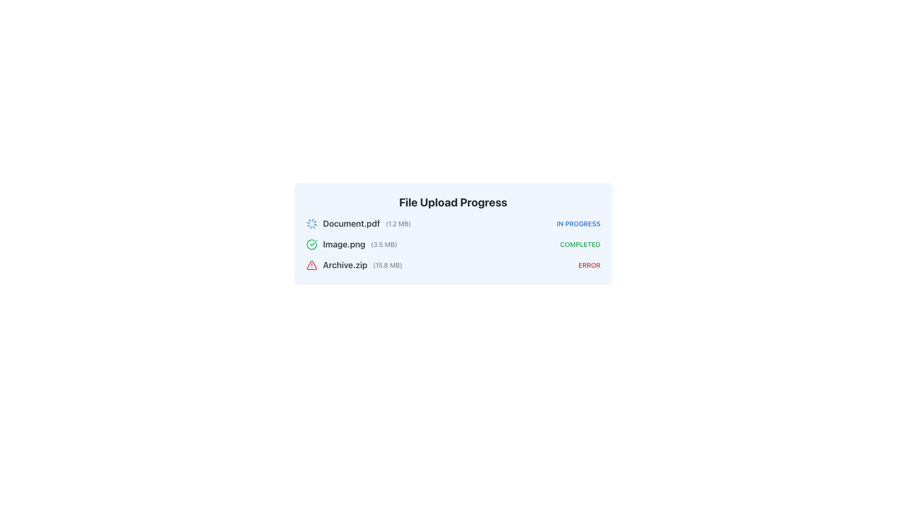  Describe the element at coordinates (453, 244) in the screenshot. I see `file name from the File Upload Status Entry located in the second row of the upload statuses, positioned between 'Document.pdf (1.2 MB)' and 'Archive.zip (15.8 MB)'` at that location.